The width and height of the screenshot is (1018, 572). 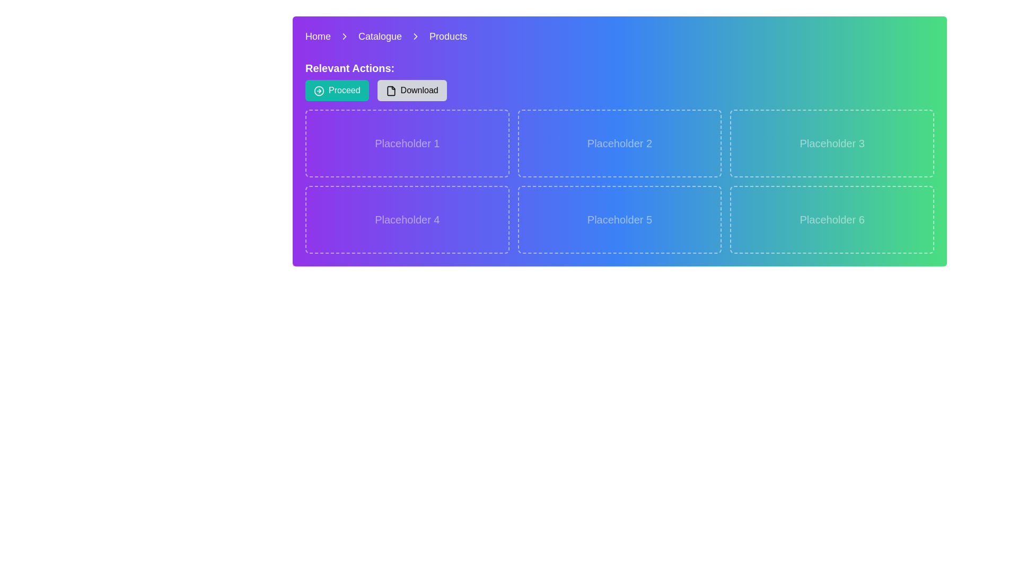 What do you see at coordinates (350, 68) in the screenshot?
I see `the text label that reads 'Relevant Actions:' styled in a large, bold font, located above the buttons 'Proceed' and 'Download'` at bounding box center [350, 68].